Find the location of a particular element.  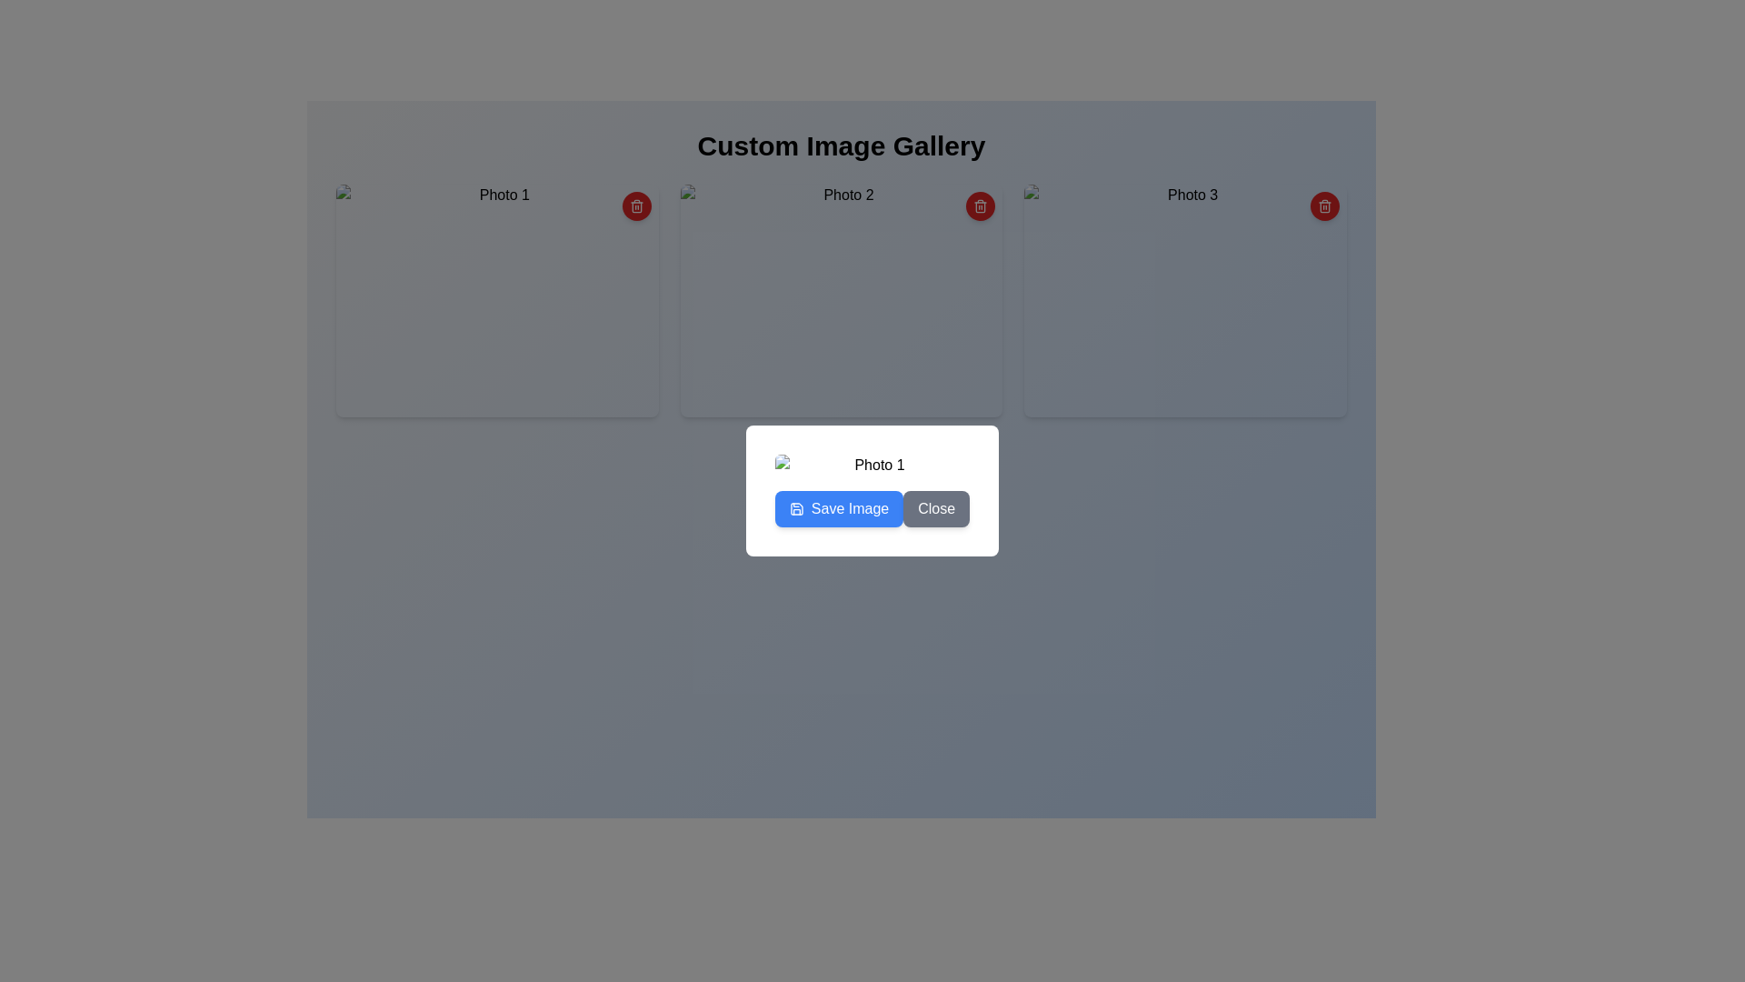

the trash can icon with a red circular background located at the top-right corner of the 'Photo 2' image card is located at coordinates (980, 205).